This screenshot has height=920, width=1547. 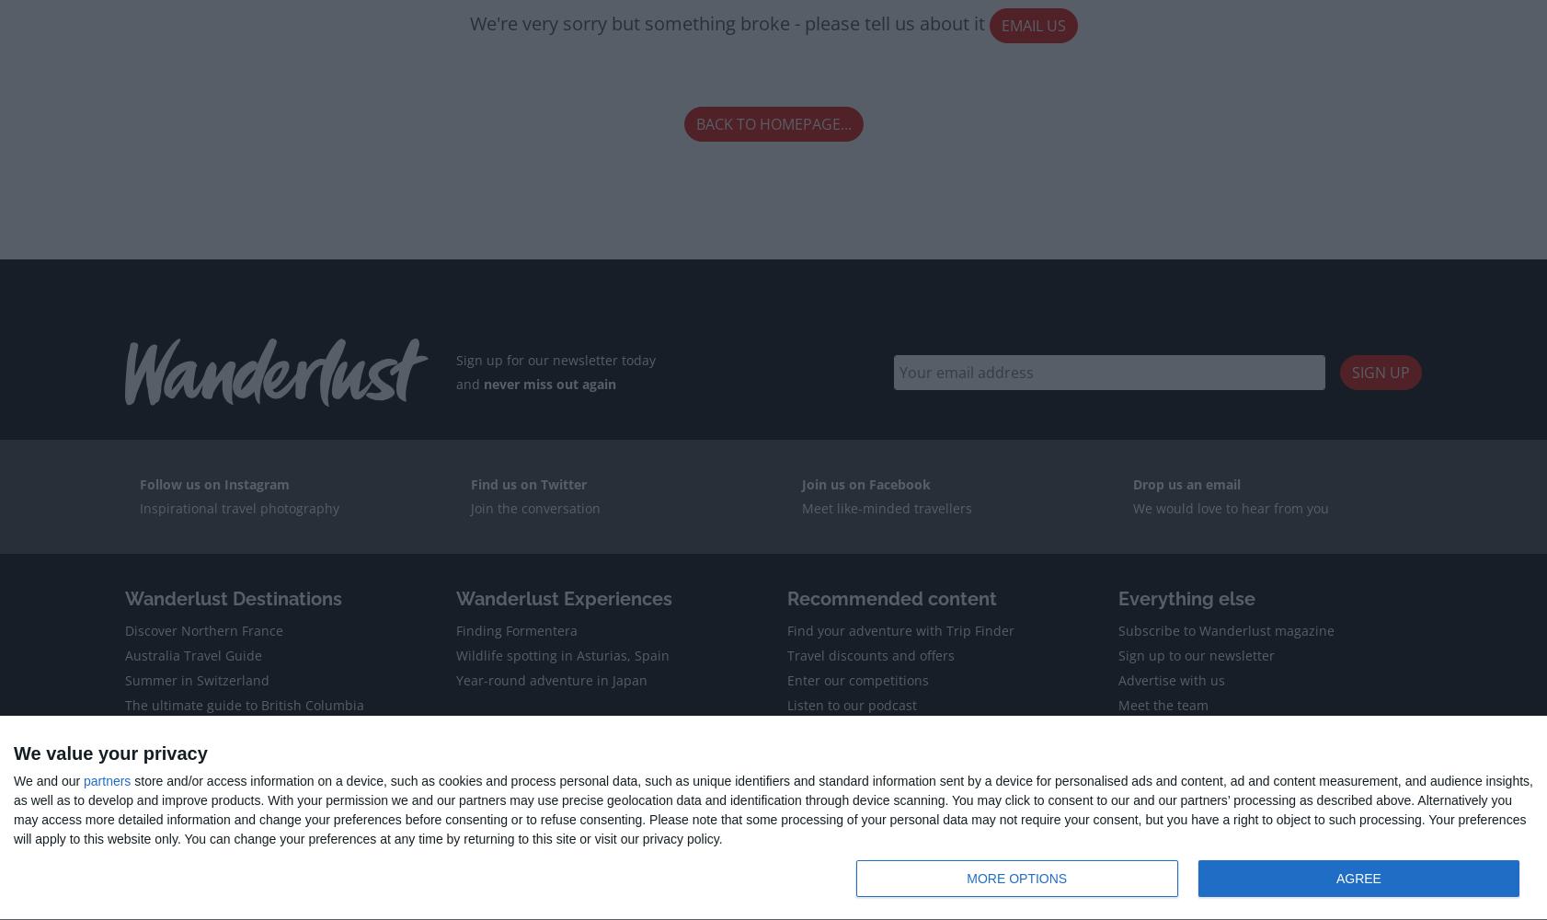 What do you see at coordinates (147, 809) in the screenshot?
I see `'About Us'` at bounding box center [147, 809].